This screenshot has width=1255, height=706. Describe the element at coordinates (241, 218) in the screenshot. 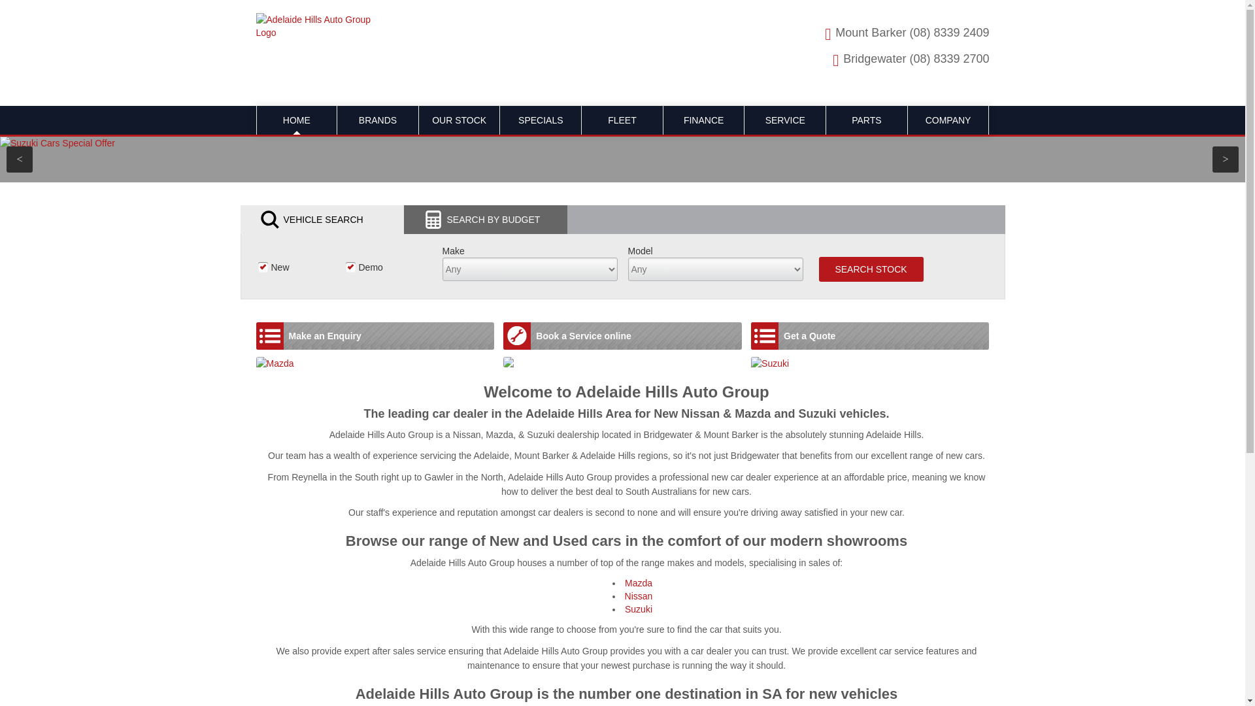

I see `'VEHICLE SEARCH'` at that location.